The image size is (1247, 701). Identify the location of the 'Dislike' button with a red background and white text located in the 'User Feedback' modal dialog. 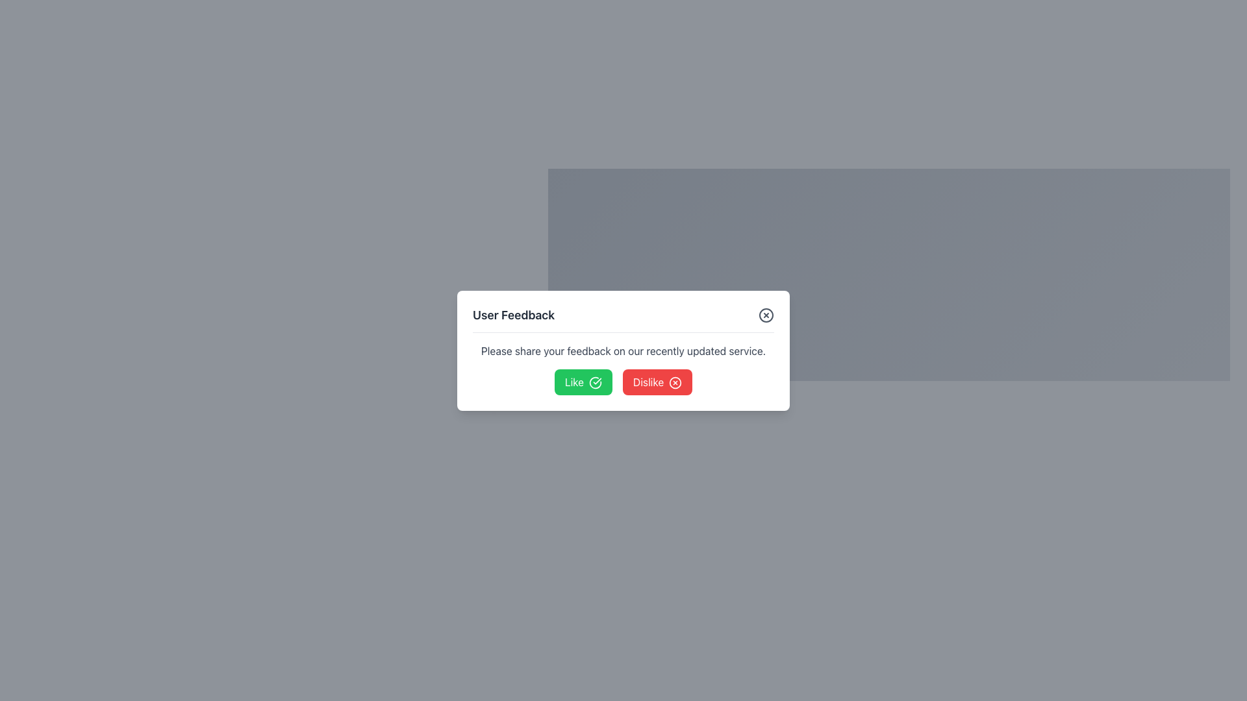
(657, 381).